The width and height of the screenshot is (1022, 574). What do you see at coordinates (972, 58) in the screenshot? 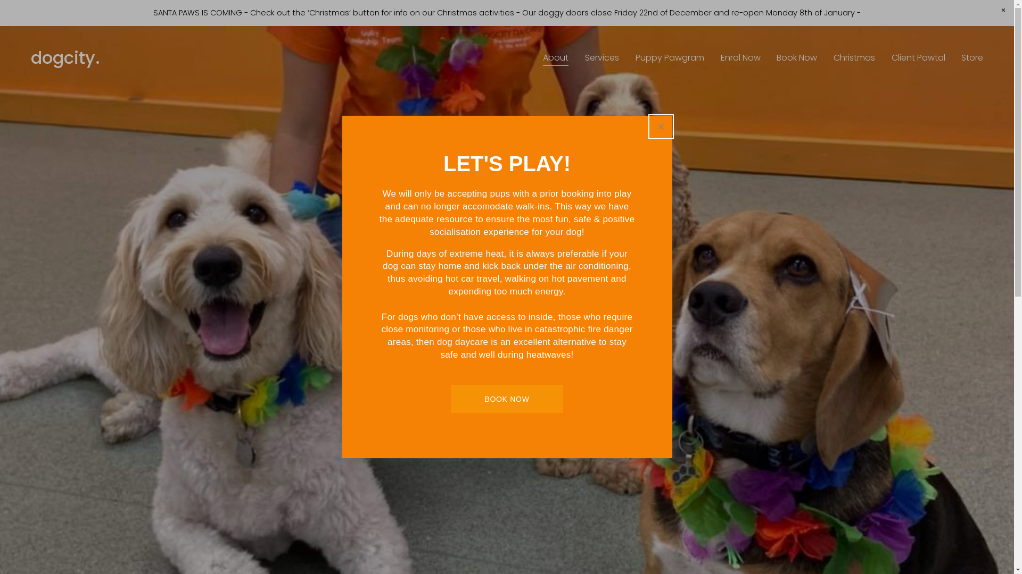
I see `'Store'` at bounding box center [972, 58].